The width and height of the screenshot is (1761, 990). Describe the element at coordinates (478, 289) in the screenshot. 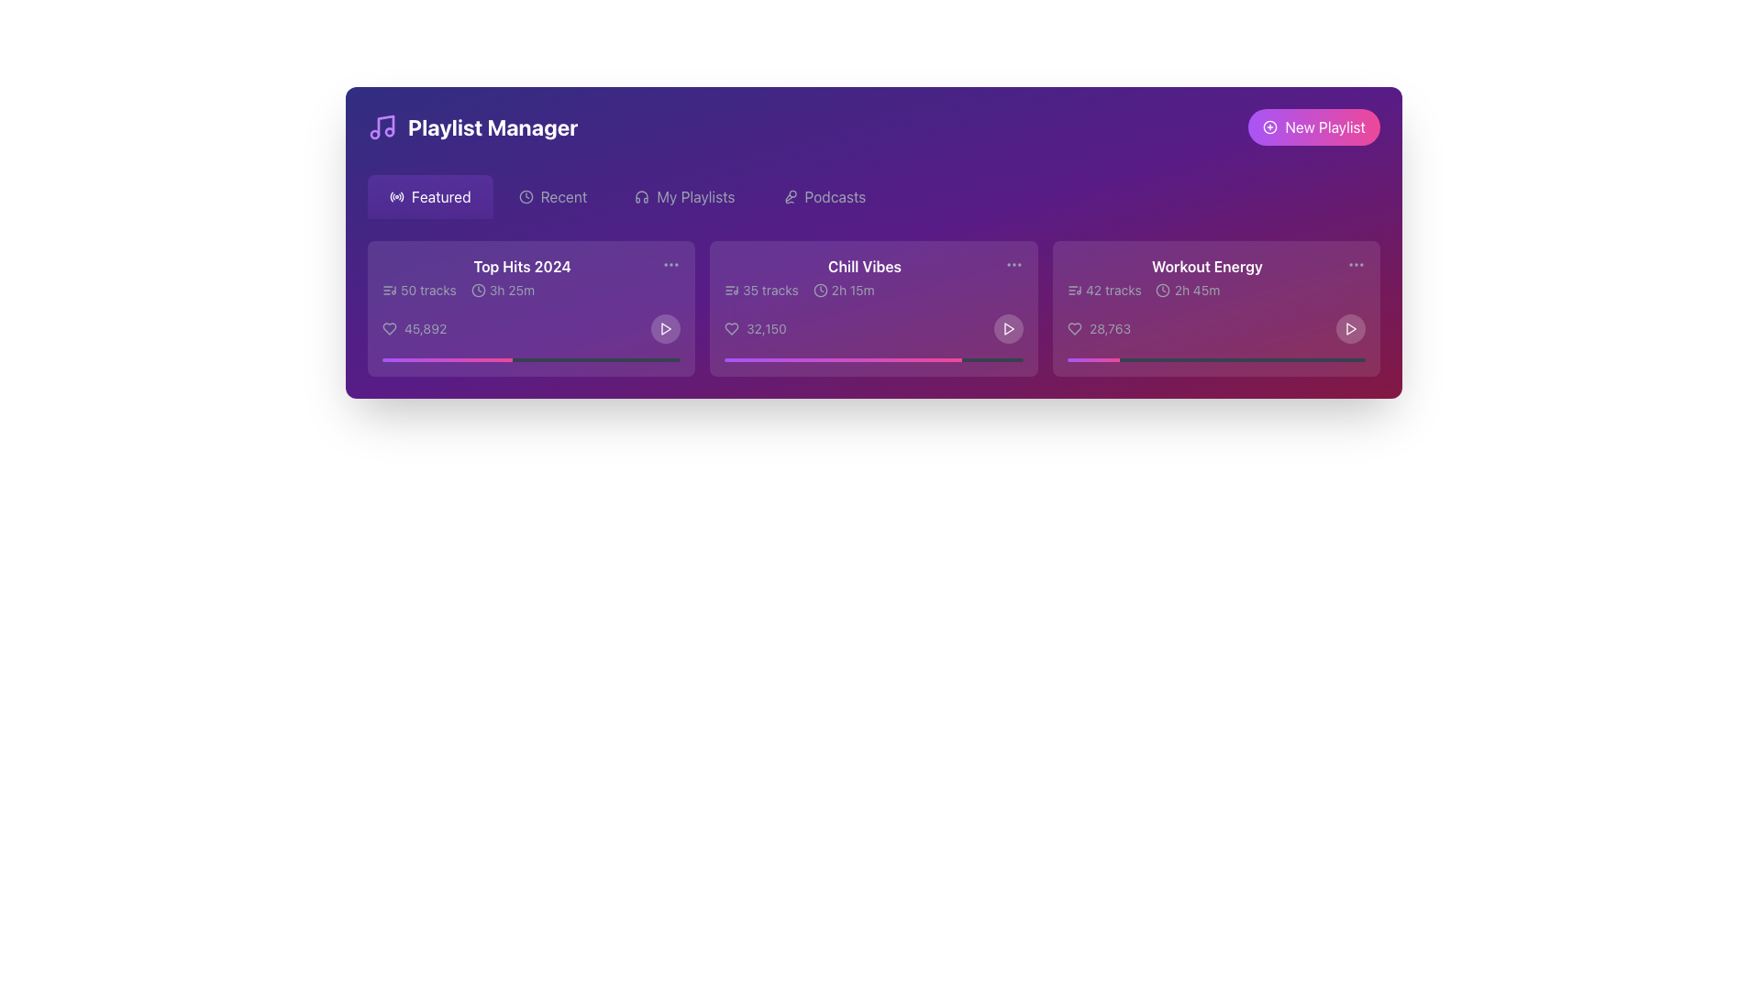

I see `the outer edge of the clock icon represented by a circle in SVG, located within the 'Top Hits 2024' box, near the top-left corner of the component` at that location.